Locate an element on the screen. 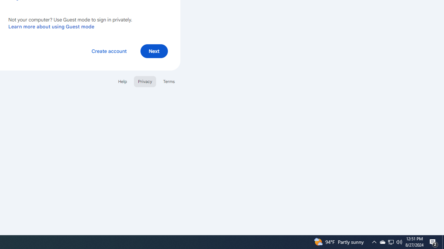 Image resolution: width=444 pixels, height=249 pixels. 'Learn more about using Guest mode' is located at coordinates (51, 26).